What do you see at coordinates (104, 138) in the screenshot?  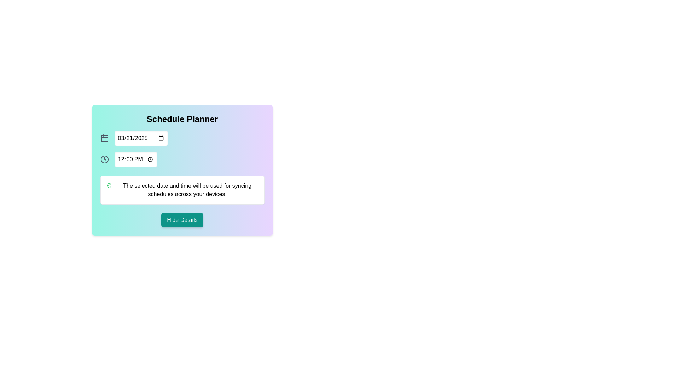 I see `the calendar icon located to the left of the date input field displaying '03/21/2025'` at bounding box center [104, 138].